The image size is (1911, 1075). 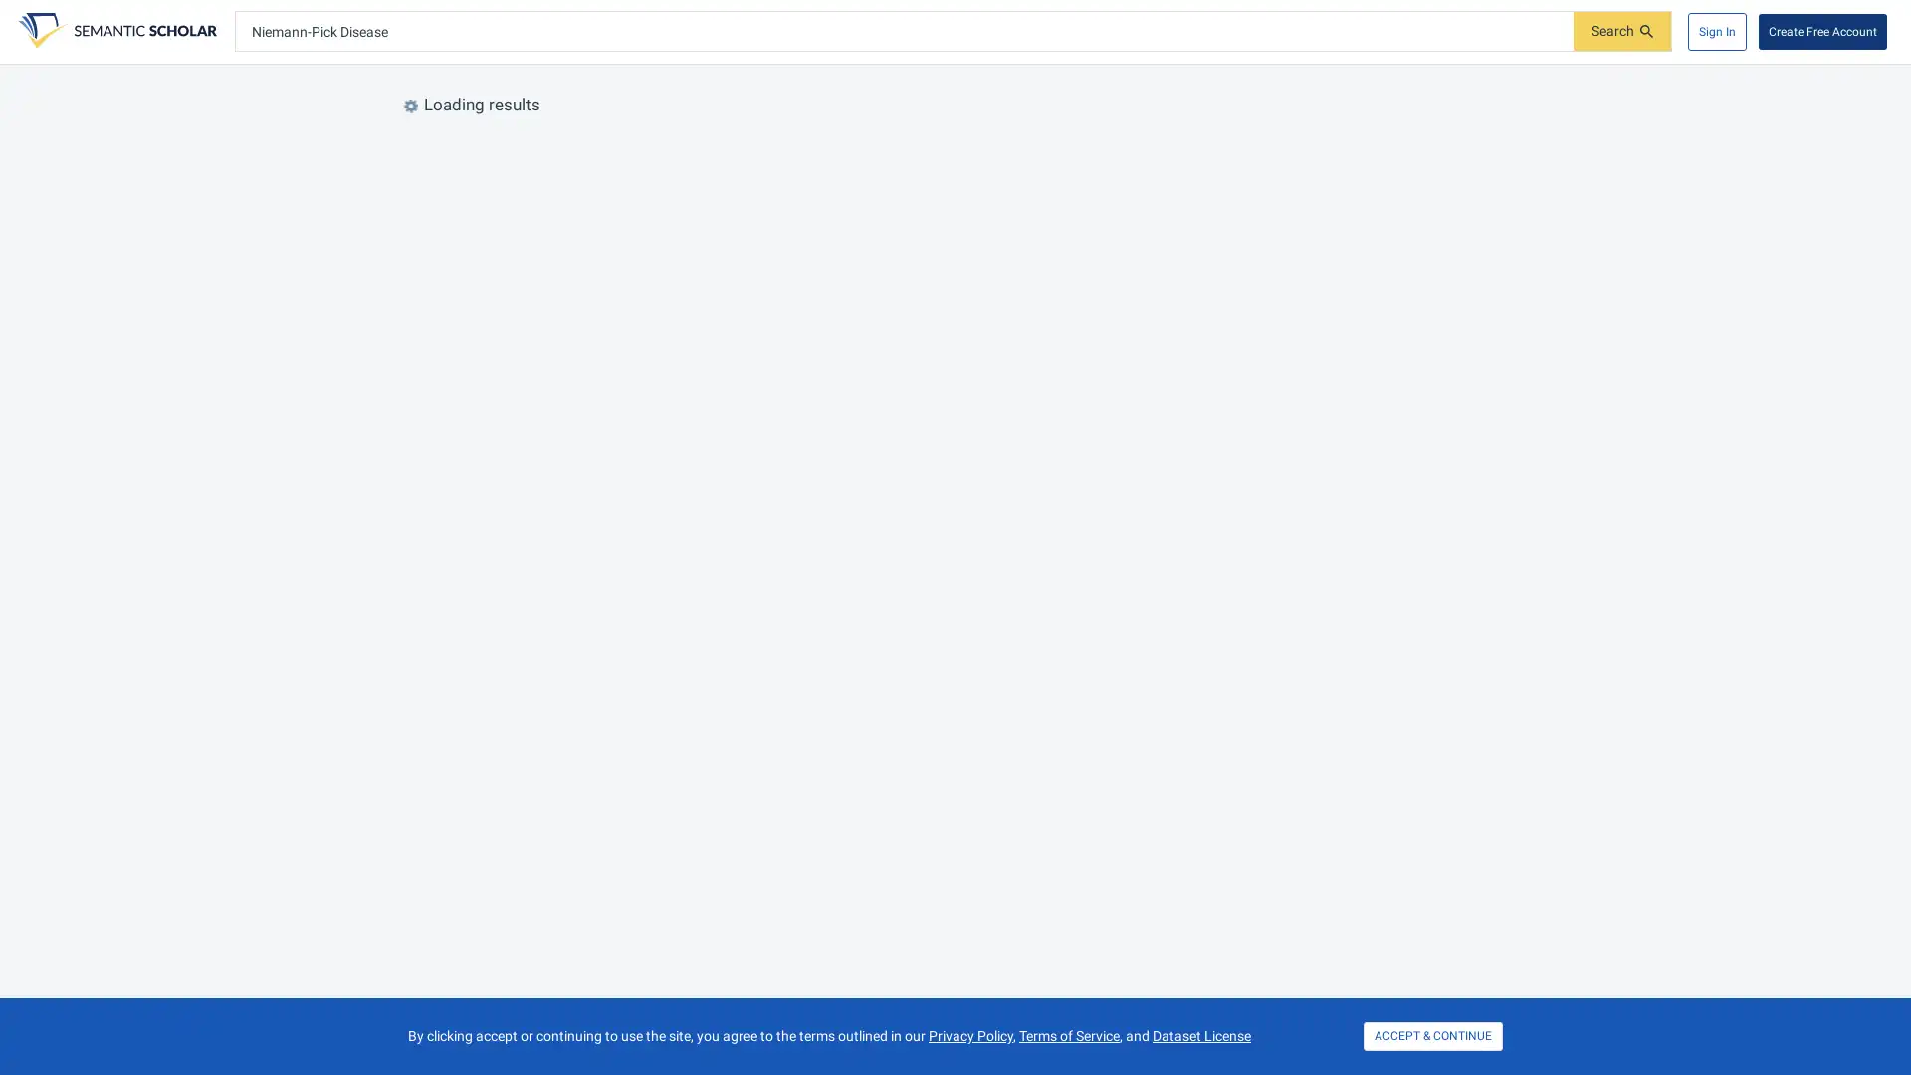 I want to click on Sign In, so click(x=1716, y=31).